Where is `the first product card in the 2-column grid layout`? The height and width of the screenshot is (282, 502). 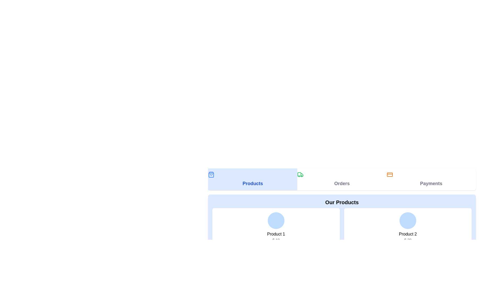
the first product card in the 2-column grid layout is located at coordinates (276, 227).